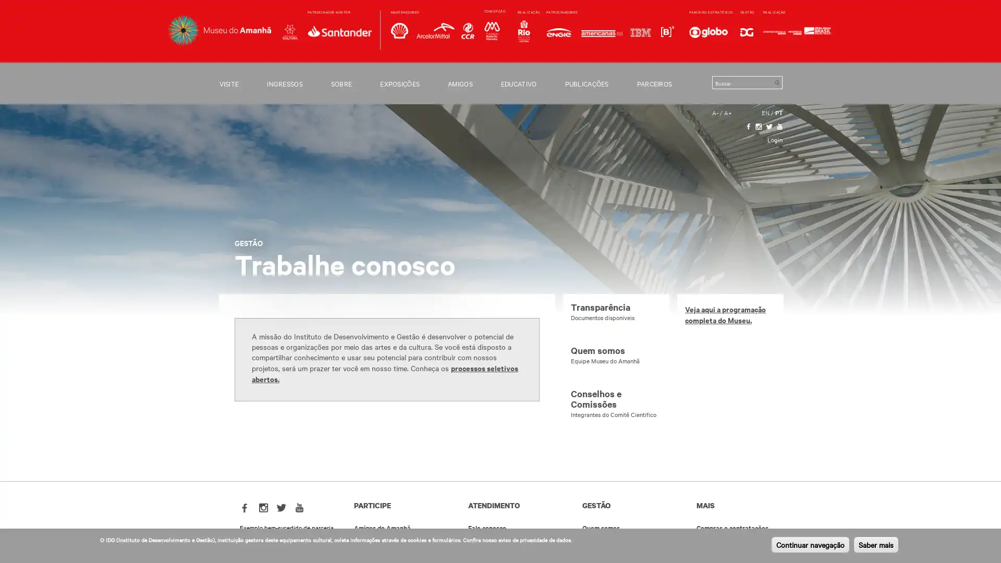 This screenshot has width=1001, height=563. Describe the element at coordinates (810, 544) in the screenshot. I see `Continuar navegacao` at that location.